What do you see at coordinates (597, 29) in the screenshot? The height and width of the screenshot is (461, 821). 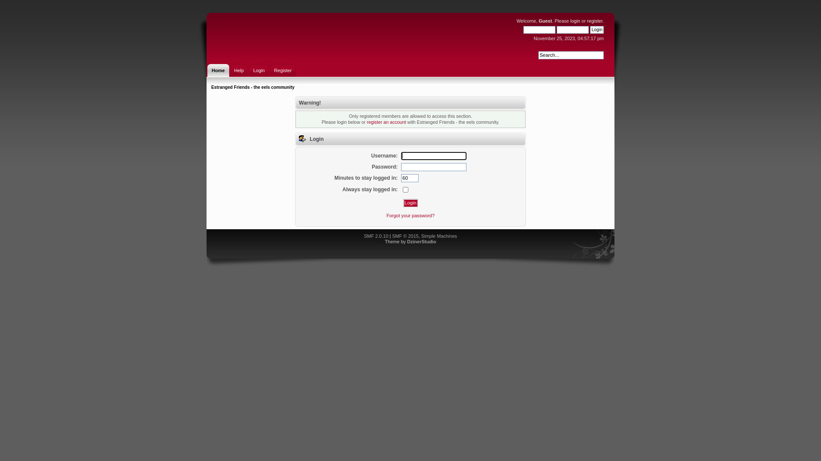 I see `'Login'` at bounding box center [597, 29].